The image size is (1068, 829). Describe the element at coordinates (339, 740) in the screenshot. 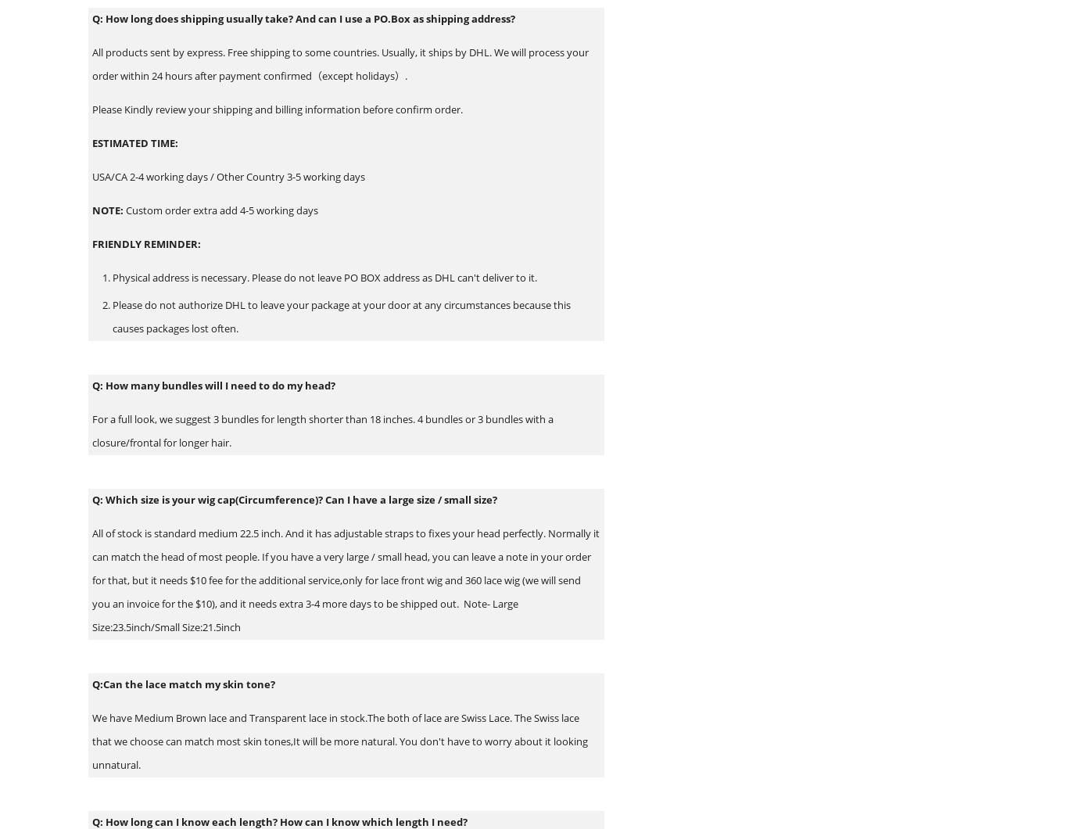

I see `'We have Medium Brown lace and Transparent lace in stock.The both of lace are Swiss Lace. The Swiss lace that we choose can match most skin tones,It will be more natural. You don't have to worry about it looking unnatural.'` at that location.